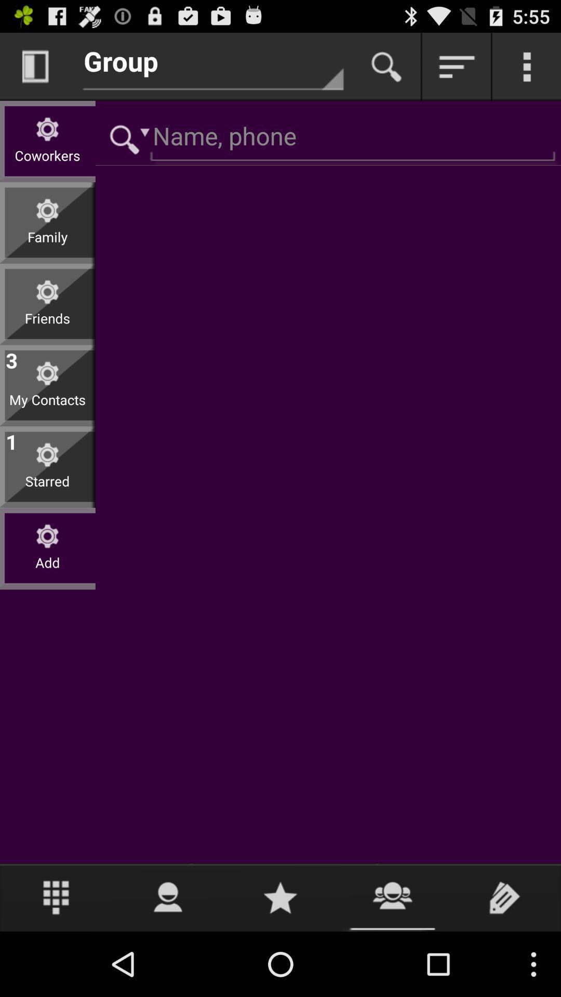  I want to click on order by highest first, so click(456, 66).